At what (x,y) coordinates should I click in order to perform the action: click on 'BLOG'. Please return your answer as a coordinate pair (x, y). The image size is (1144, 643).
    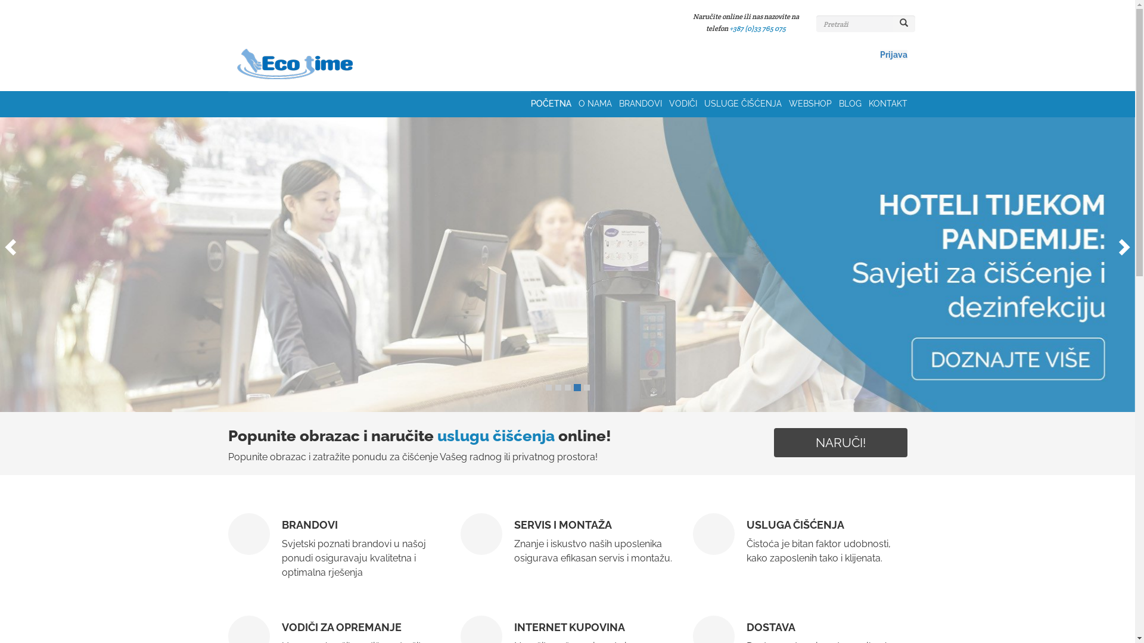
    Looking at the image, I should click on (838, 103).